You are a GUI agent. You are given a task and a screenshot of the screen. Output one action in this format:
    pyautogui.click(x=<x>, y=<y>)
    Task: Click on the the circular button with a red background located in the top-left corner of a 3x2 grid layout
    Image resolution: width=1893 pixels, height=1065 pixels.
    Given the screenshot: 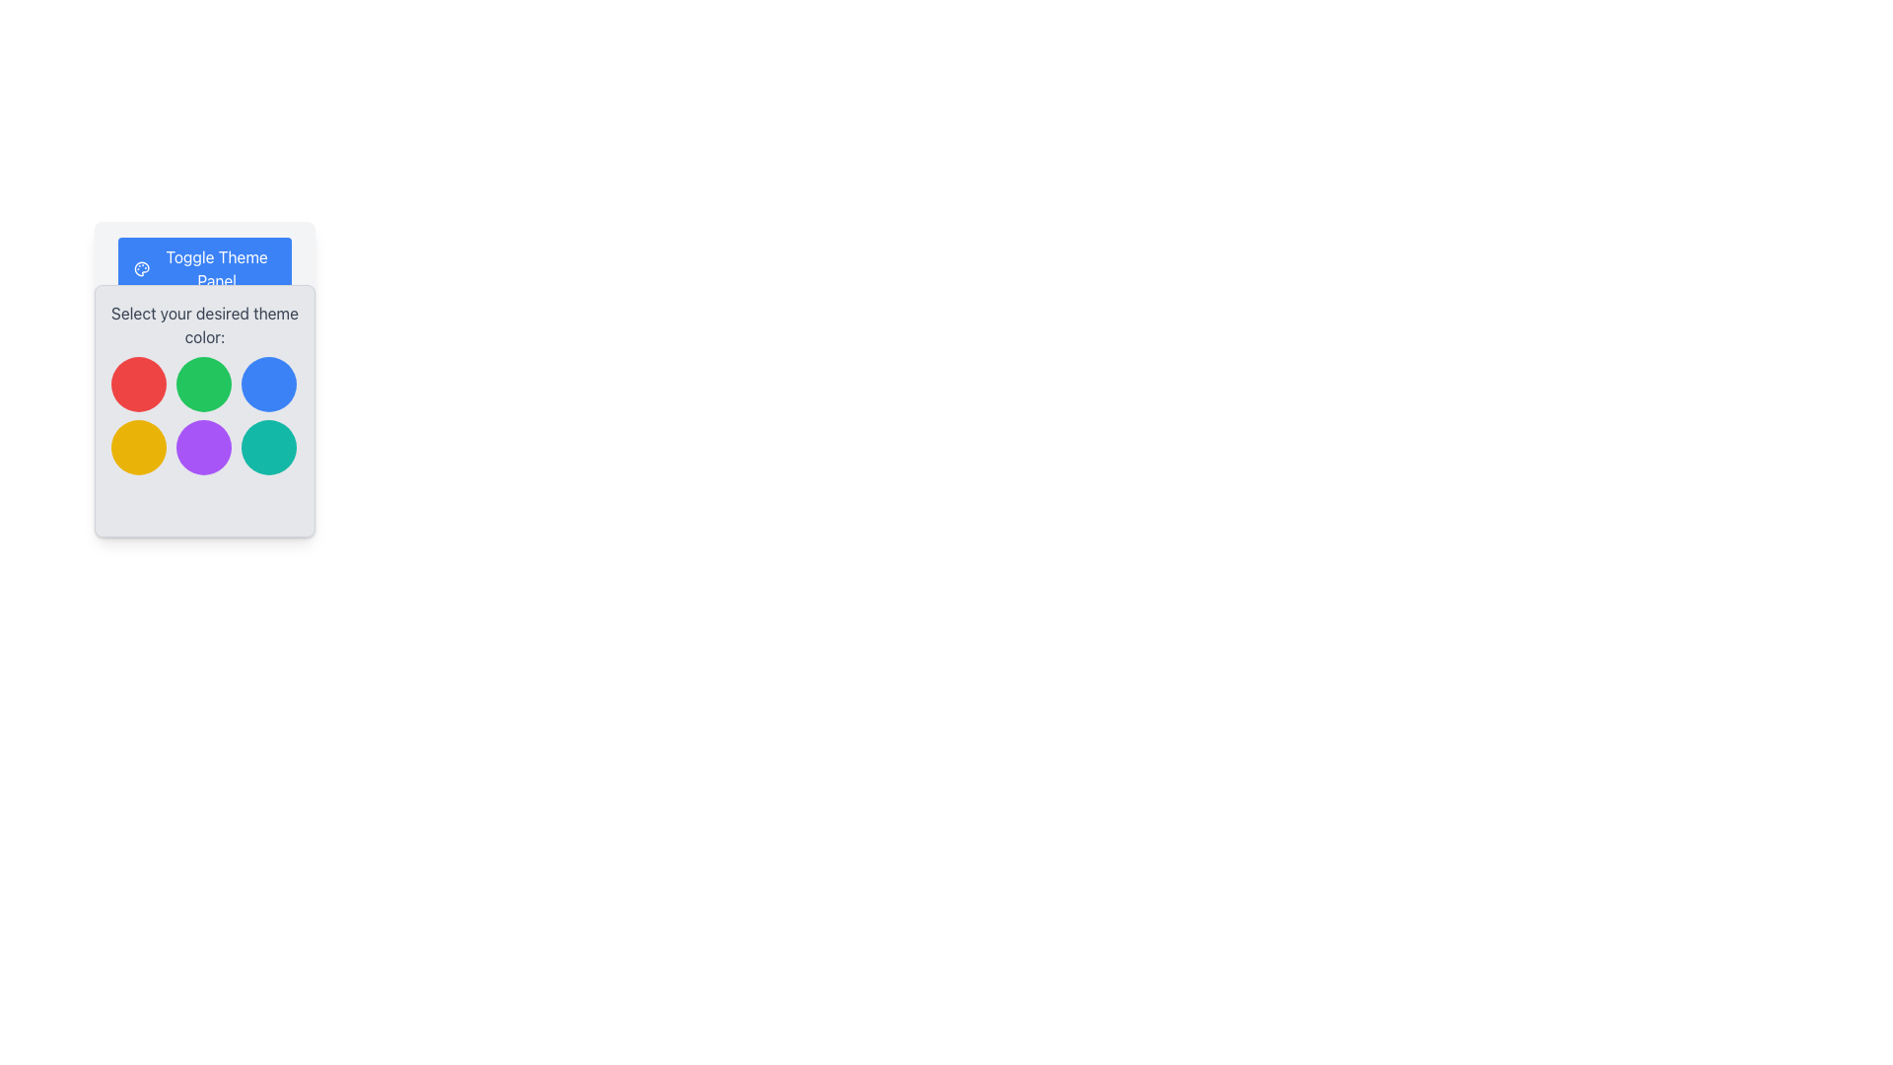 What is the action you would take?
    pyautogui.click(x=137, y=384)
    